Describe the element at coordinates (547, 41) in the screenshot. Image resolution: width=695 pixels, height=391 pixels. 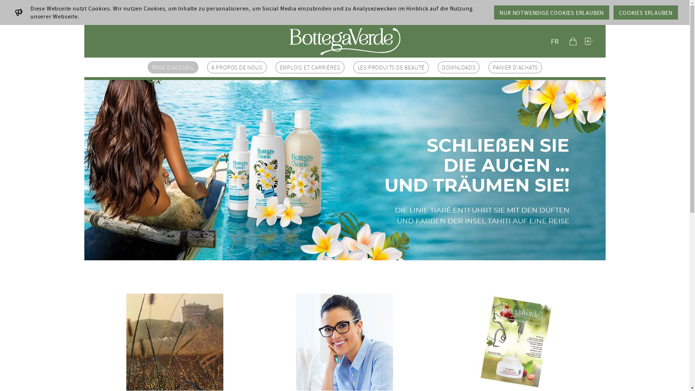
I see `'FR'` at that location.